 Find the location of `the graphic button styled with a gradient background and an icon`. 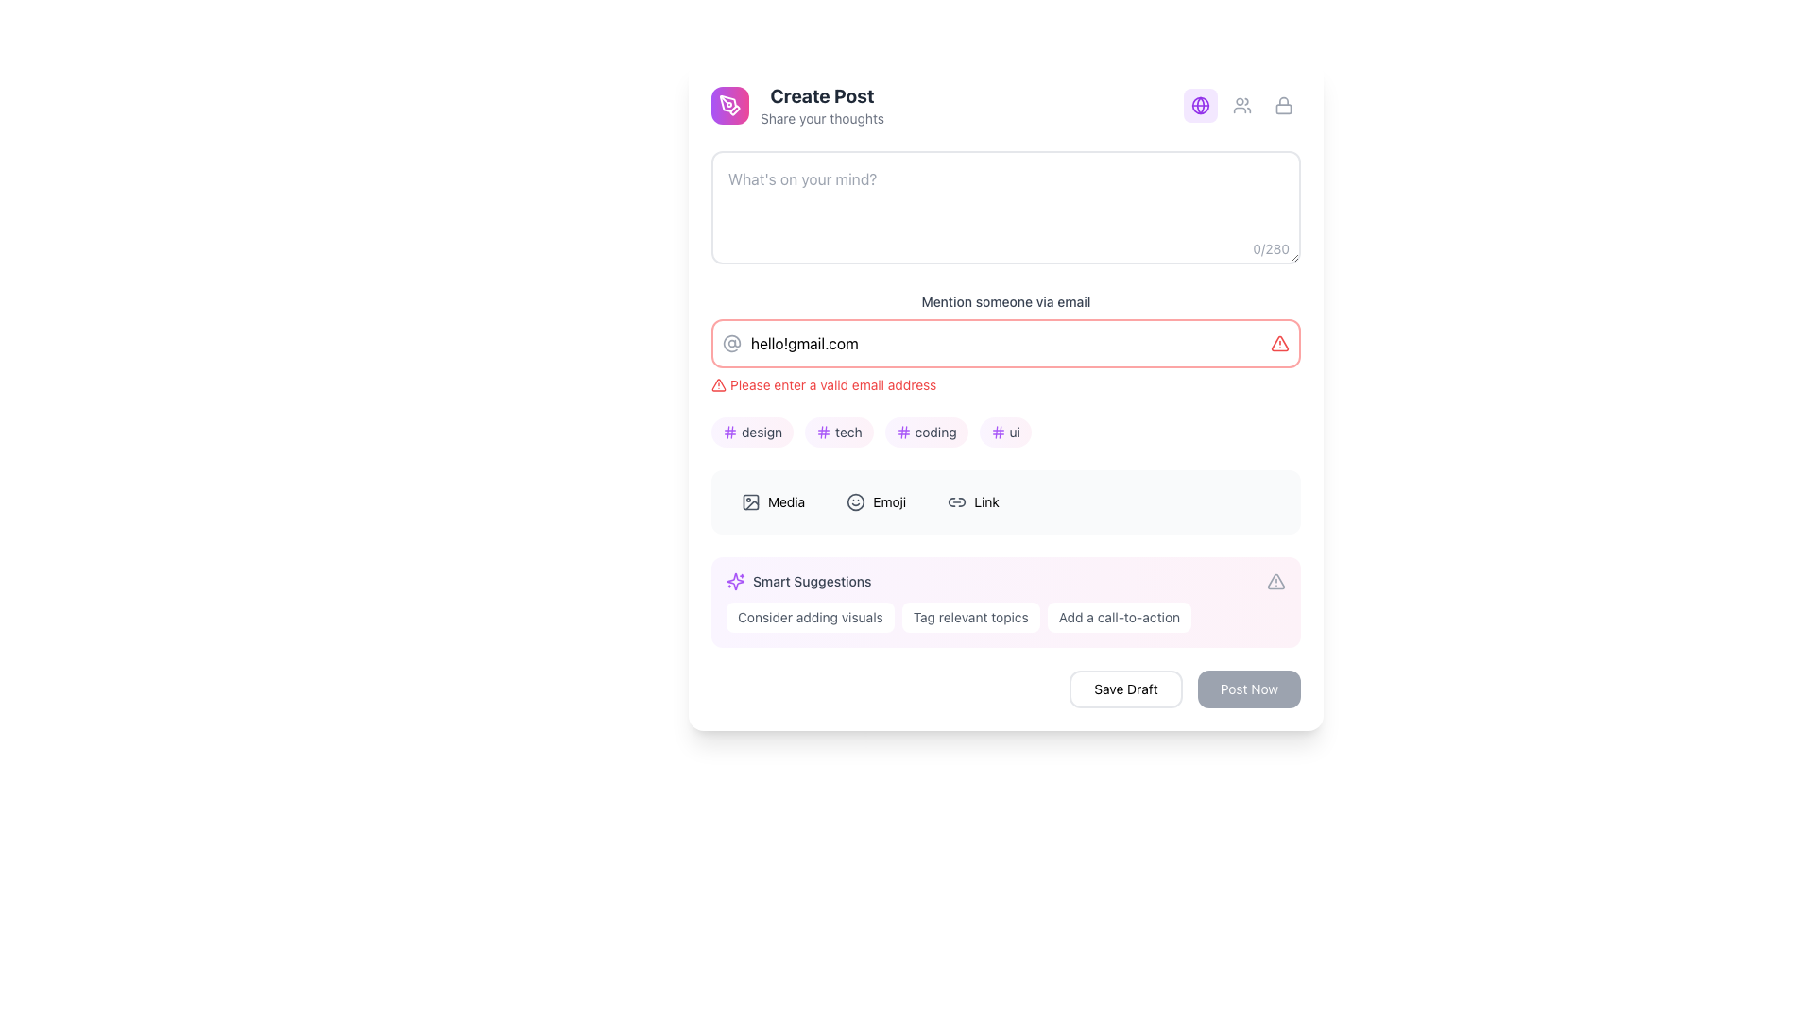

the graphic button styled with a gradient background and an icon is located at coordinates (728, 105).